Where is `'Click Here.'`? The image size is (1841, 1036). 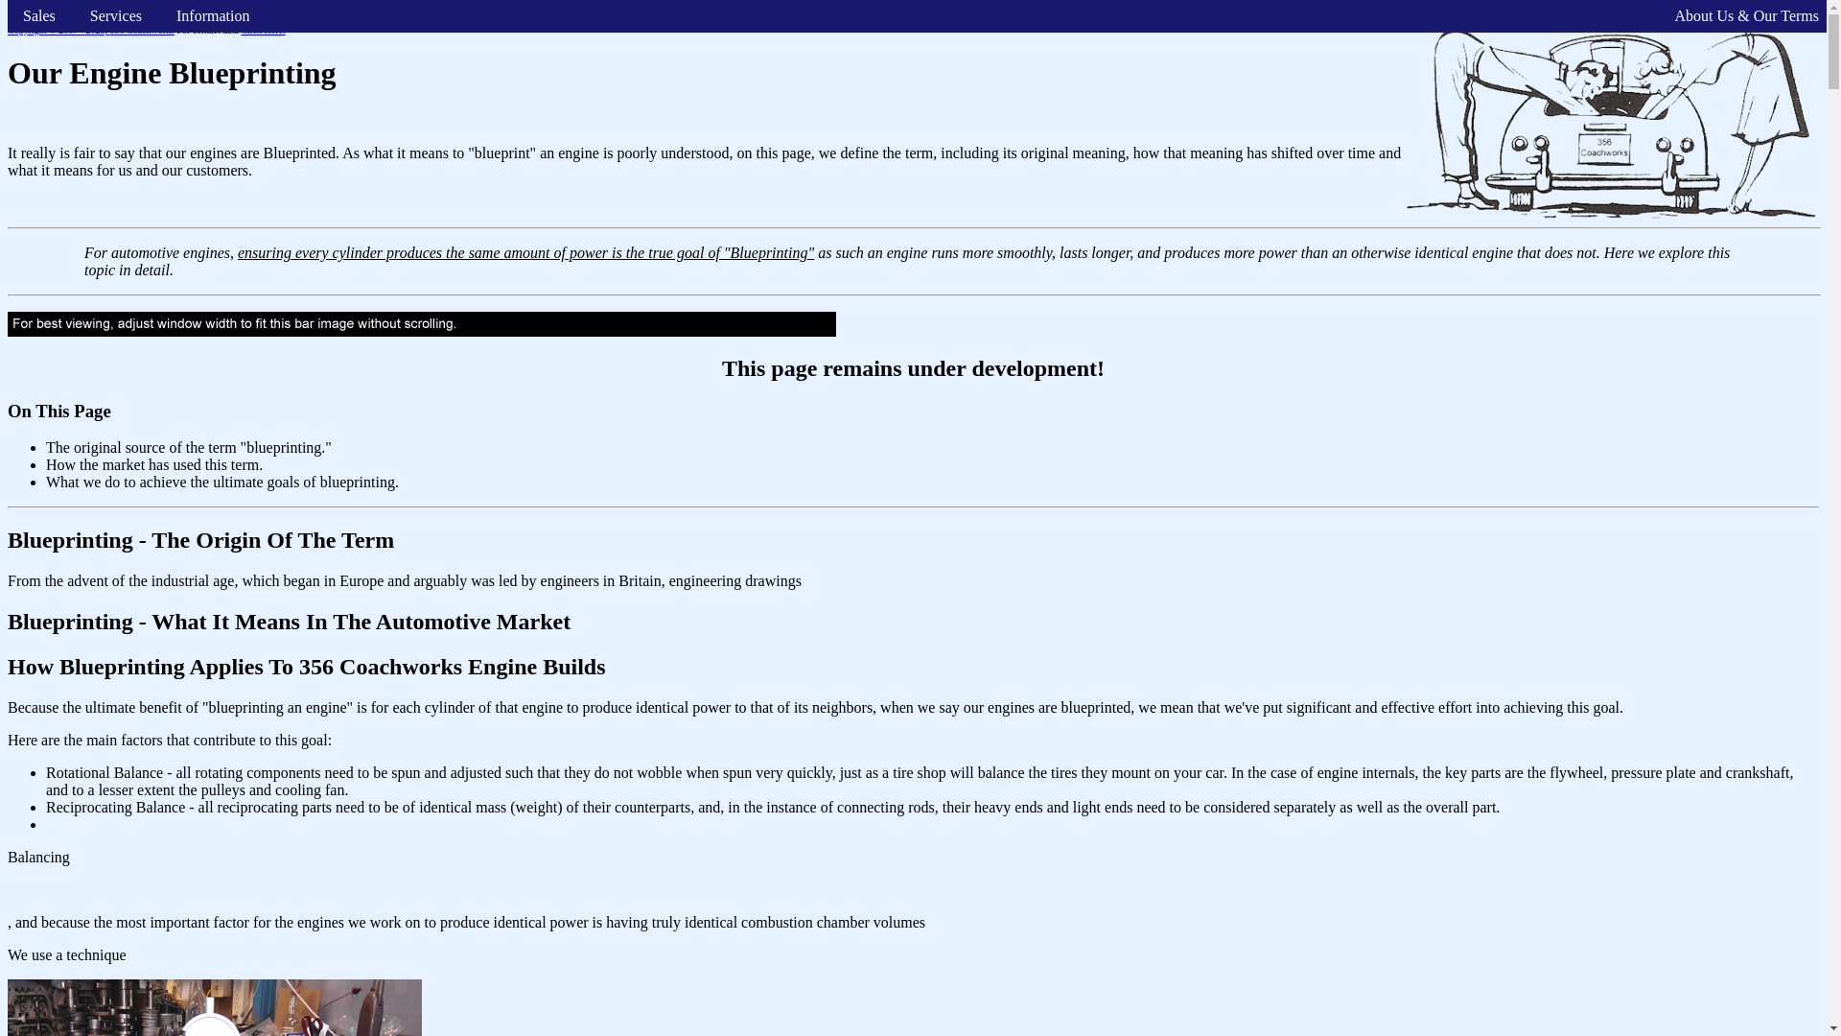
'Click Here.' is located at coordinates (261, 30).